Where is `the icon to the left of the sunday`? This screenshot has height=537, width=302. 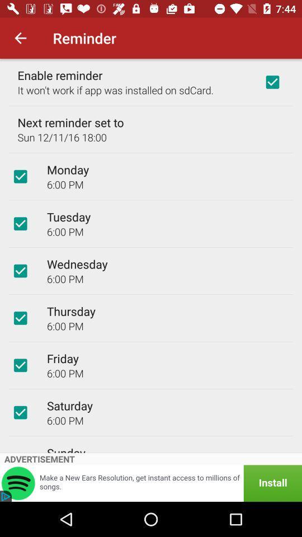 the icon to the left of the sunday is located at coordinates (20, 450).